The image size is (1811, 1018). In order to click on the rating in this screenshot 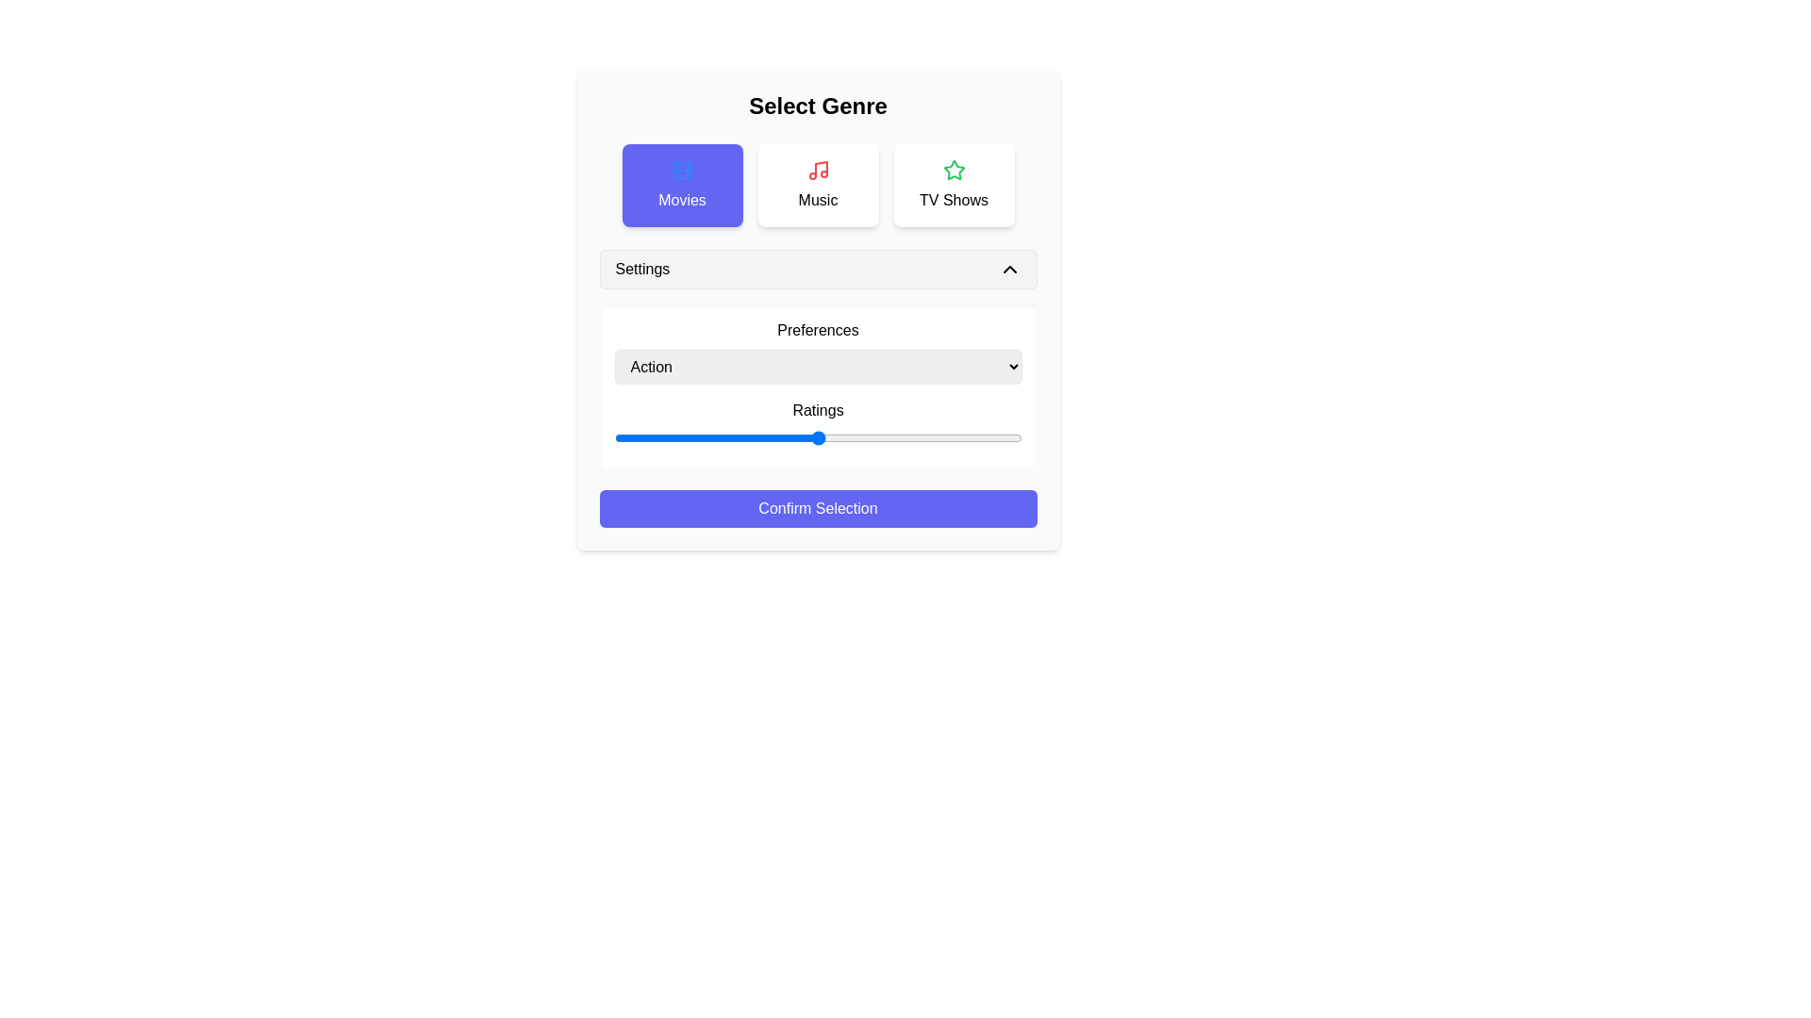, I will do `click(659, 438)`.